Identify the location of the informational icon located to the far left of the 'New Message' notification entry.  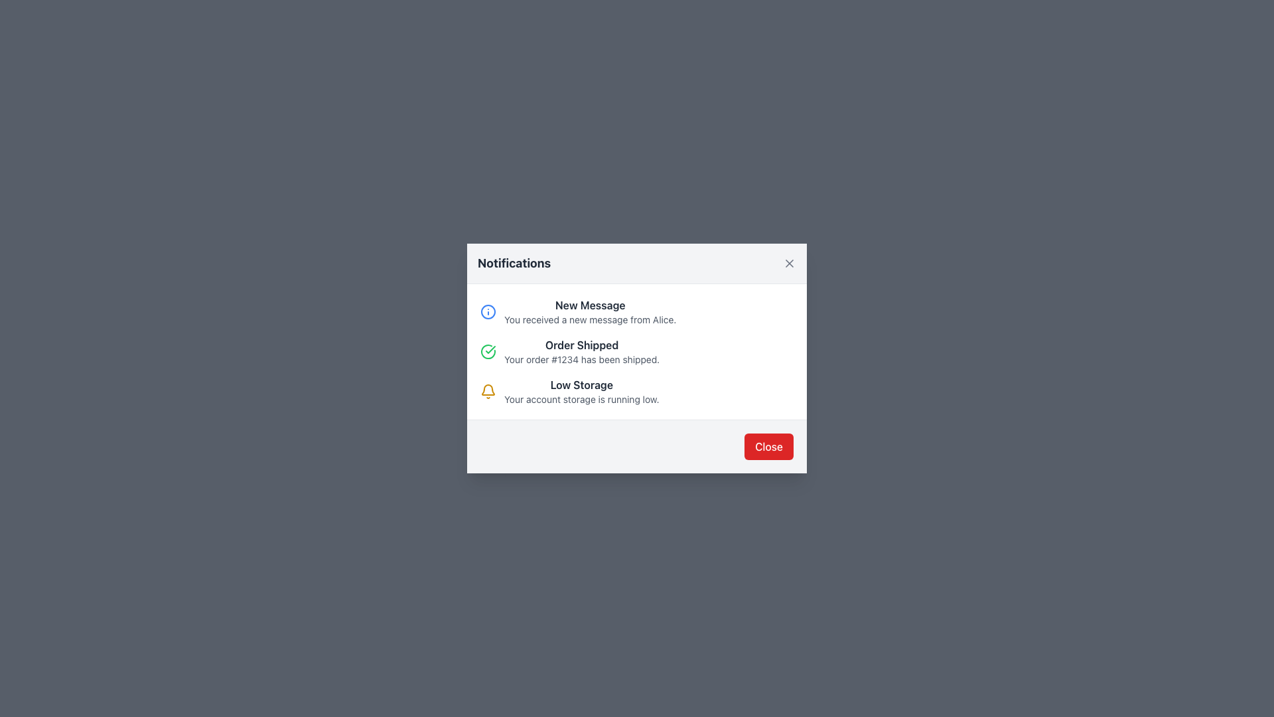
(487, 312).